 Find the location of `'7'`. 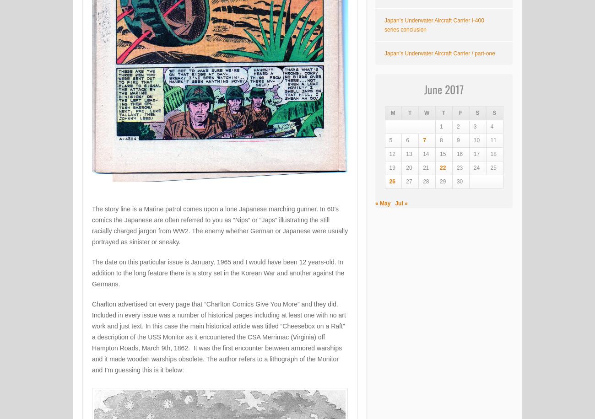

'7' is located at coordinates (424, 140).